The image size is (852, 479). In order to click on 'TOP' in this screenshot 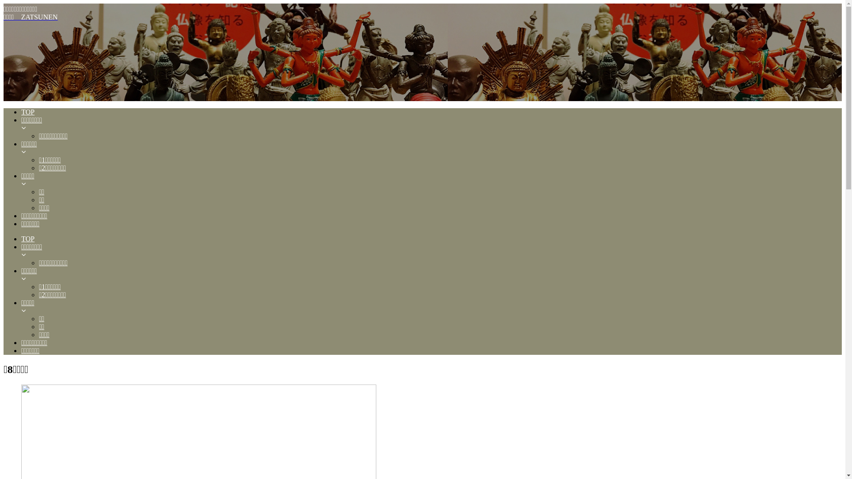, I will do `click(21, 112)`.